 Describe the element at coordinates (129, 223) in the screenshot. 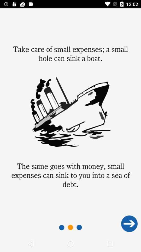

I see `the arrow_forward icon` at that location.